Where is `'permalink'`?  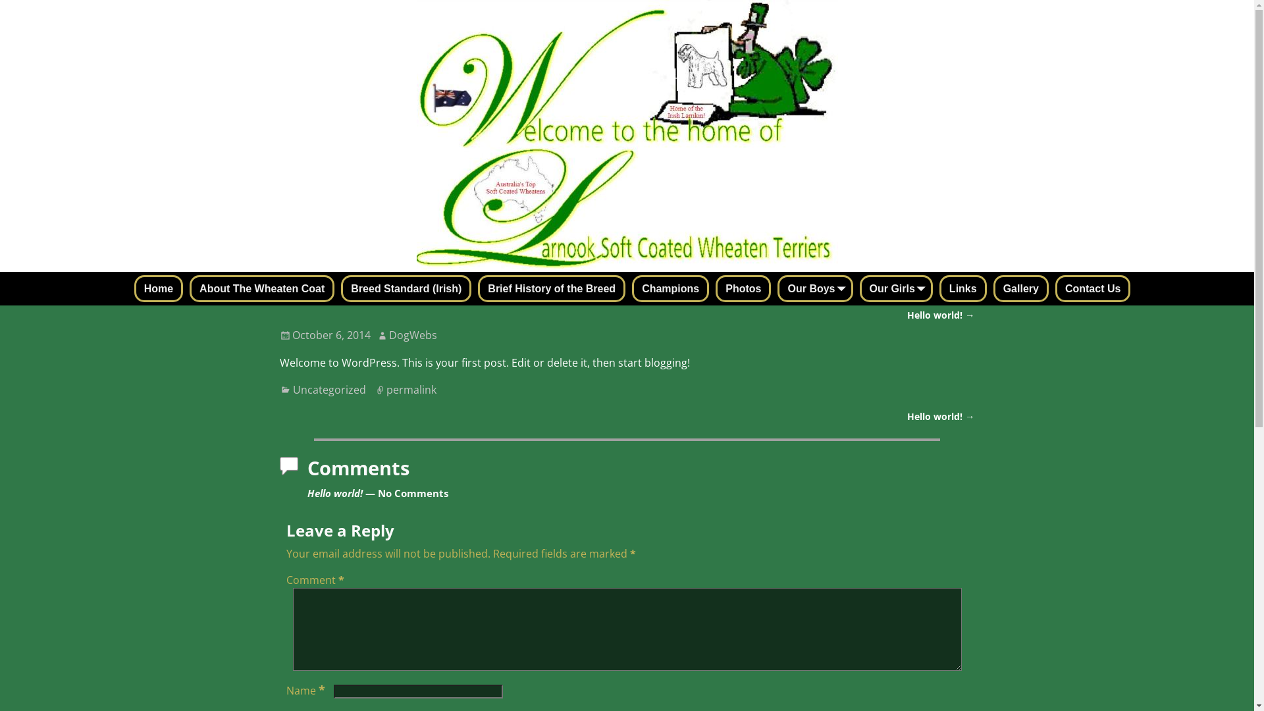
'permalink' is located at coordinates (410, 388).